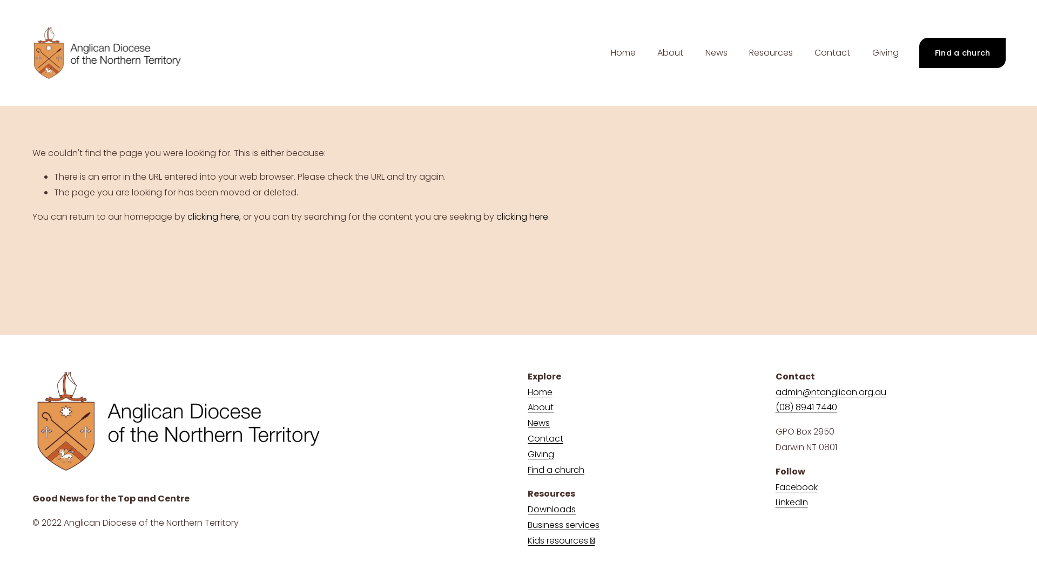  What do you see at coordinates (791, 503) in the screenshot?
I see `'LinkedIn'` at bounding box center [791, 503].